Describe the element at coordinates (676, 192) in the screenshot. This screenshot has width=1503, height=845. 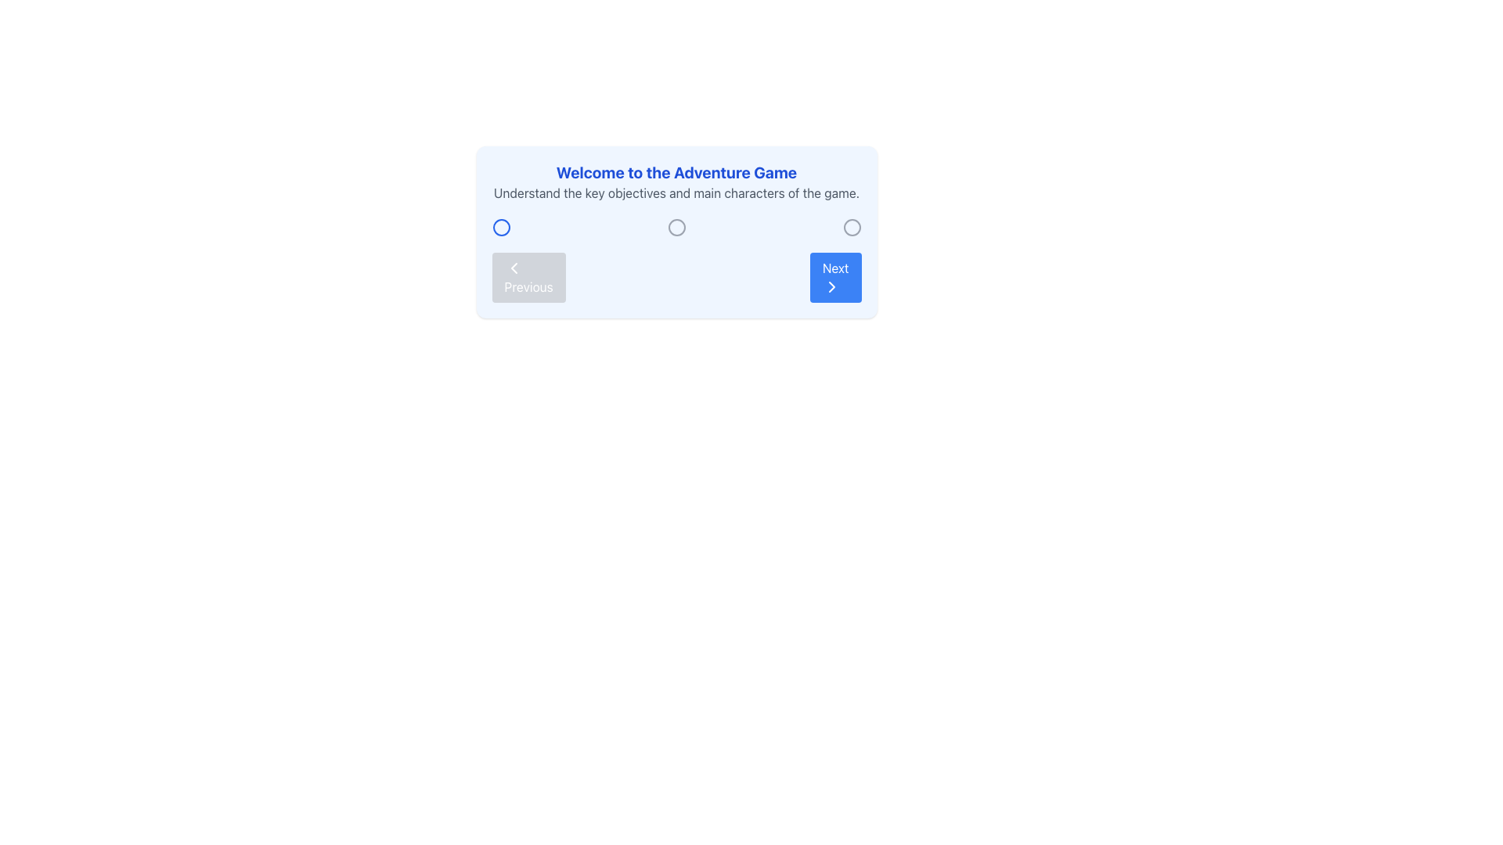
I see `text label that contains the phrase 'Understand the key objectives and main characters of the game.' which is styled in gray and positioned below the header 'Welcome to the Adventure Game'` at that location.